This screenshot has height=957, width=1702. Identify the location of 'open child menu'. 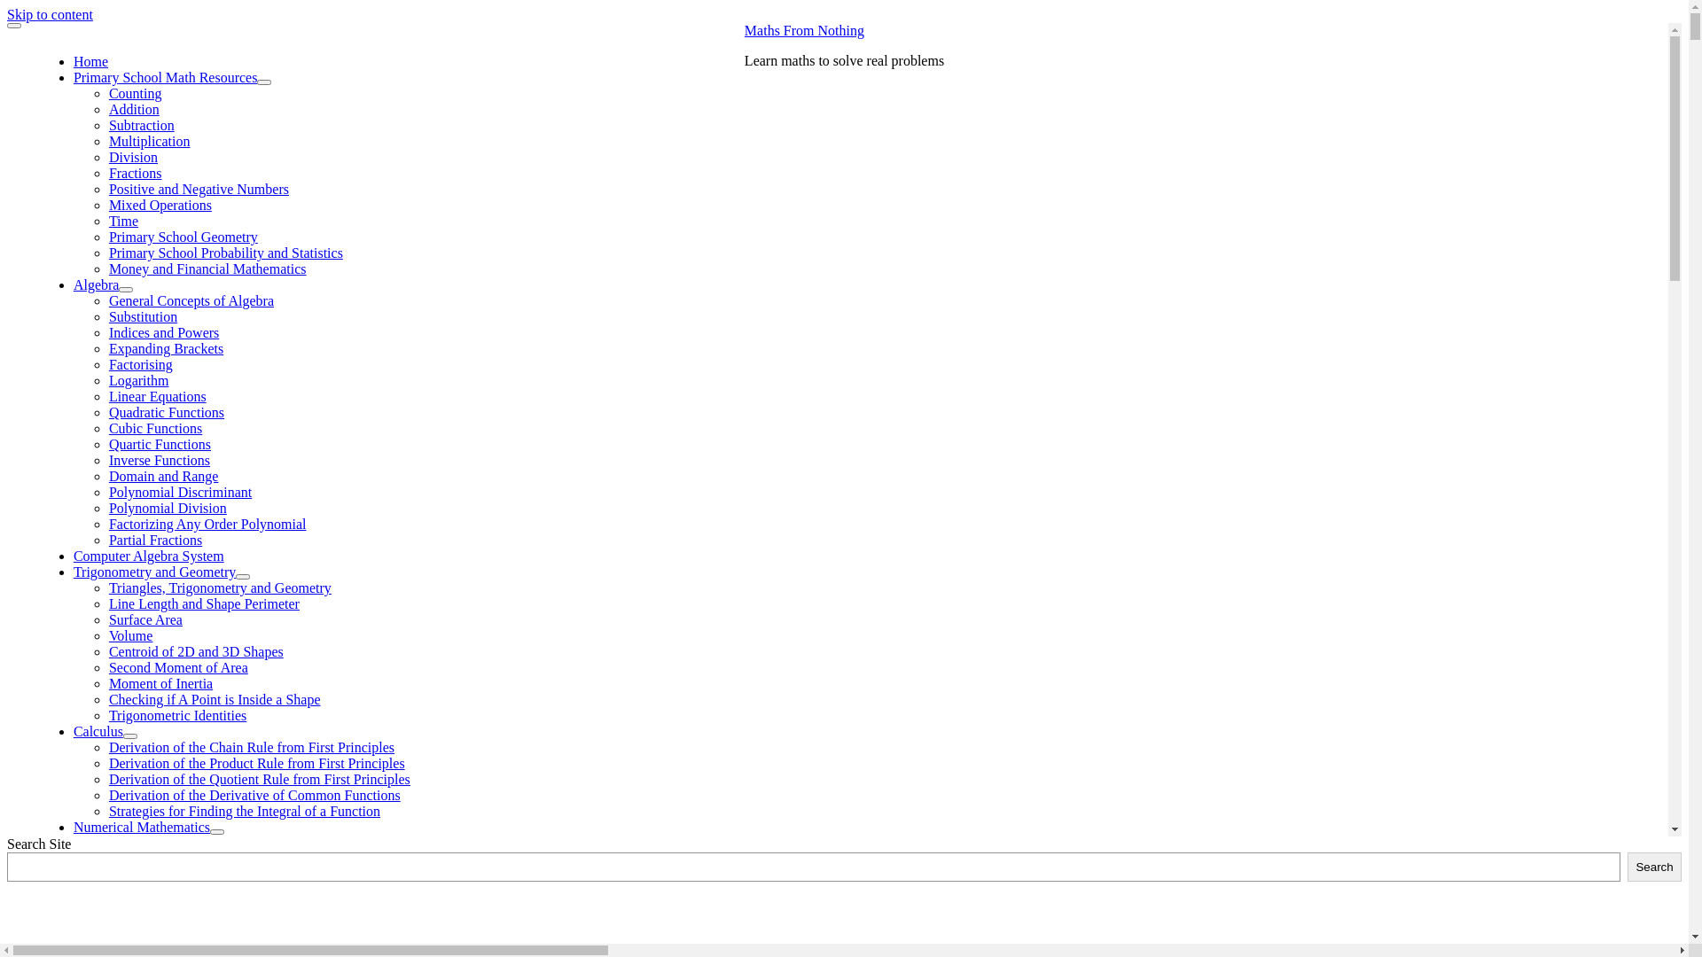
(241, 577).